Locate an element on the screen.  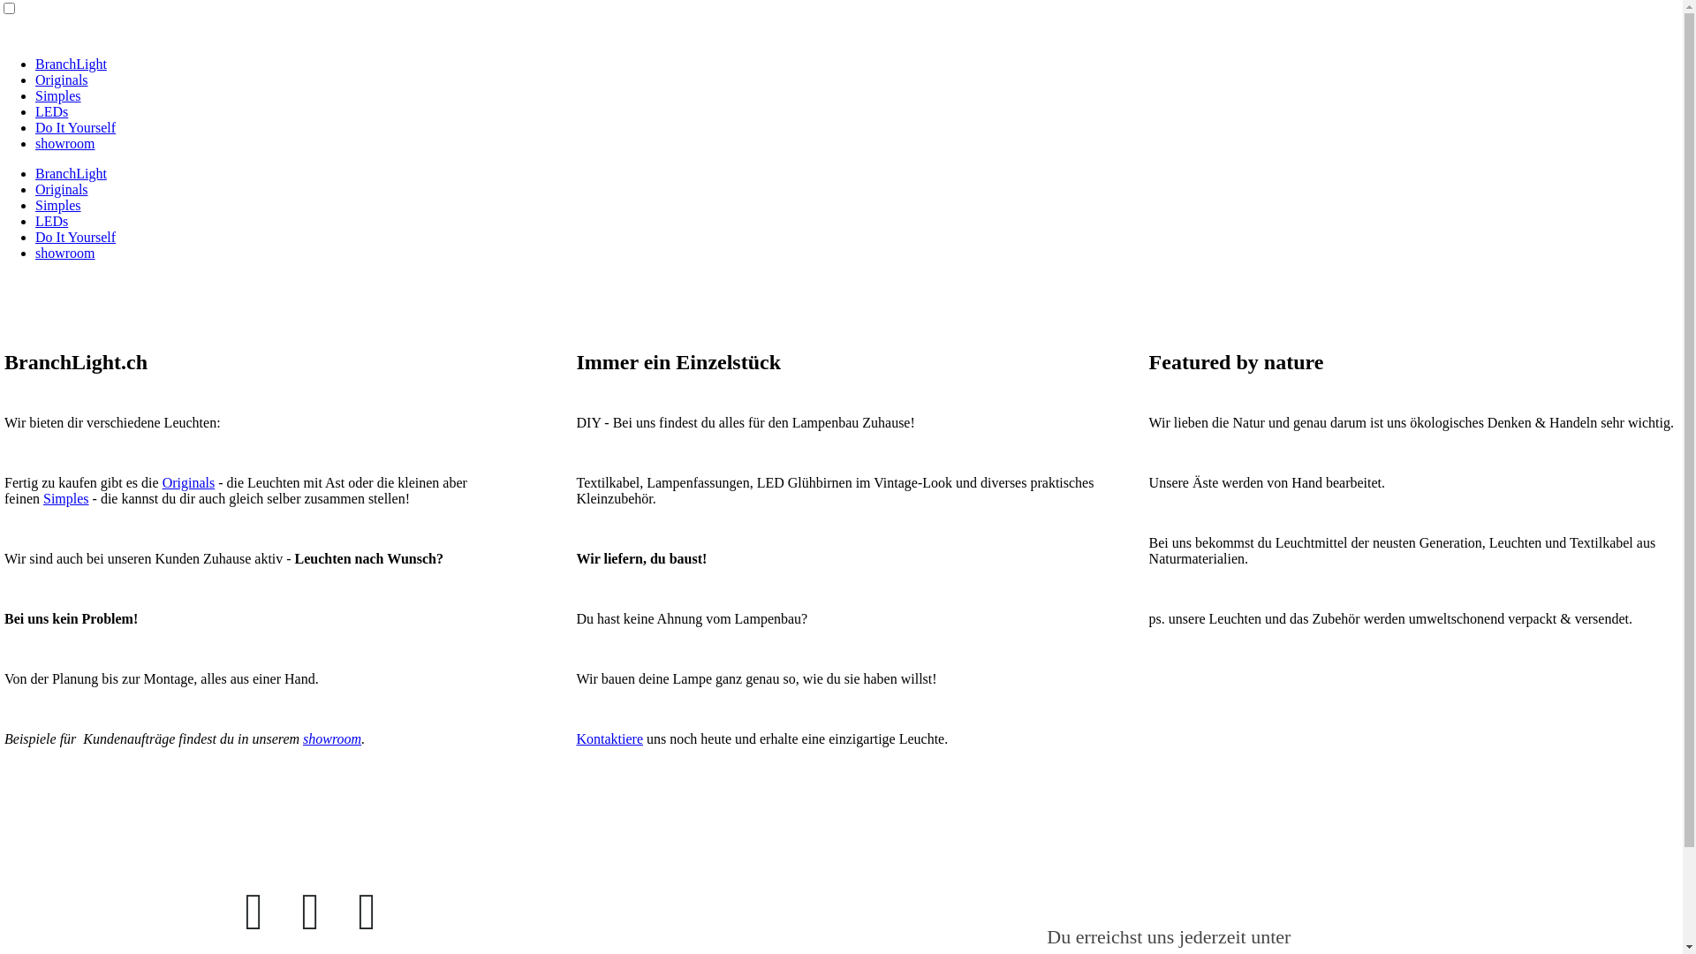
'LEDs' is located at coordinates (34, 220).